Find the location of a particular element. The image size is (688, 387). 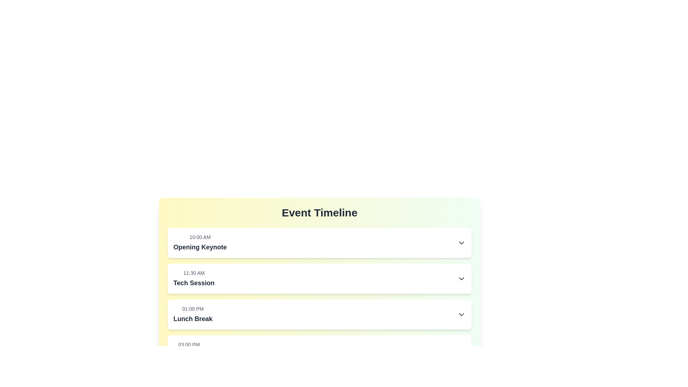

the event text block positioned in the middle card of the vertical list, located below the 'Opening Keynote' card and above the 'Lunch Break' card in the timeline is located at coordinates (194, 278).